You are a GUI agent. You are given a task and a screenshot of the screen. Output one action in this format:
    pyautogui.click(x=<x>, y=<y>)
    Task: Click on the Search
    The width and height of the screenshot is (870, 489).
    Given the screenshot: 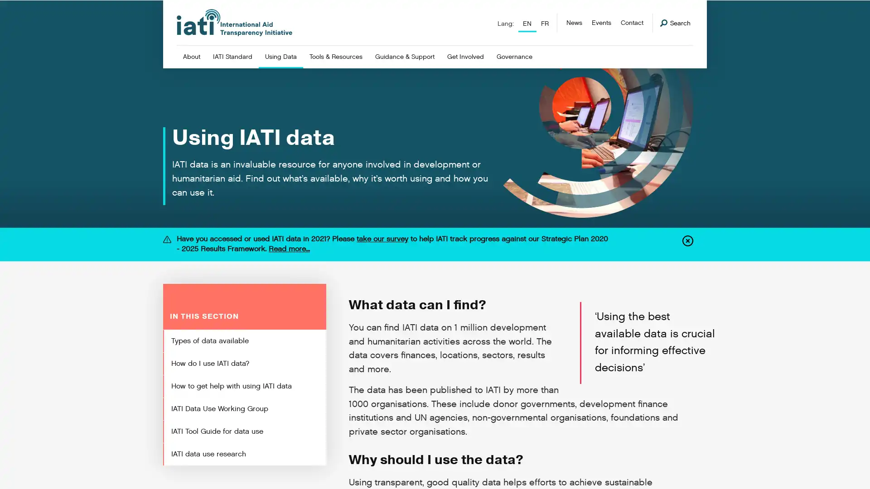 What is the action you would take?
    pyautogui.click(x=675, y=23)
    